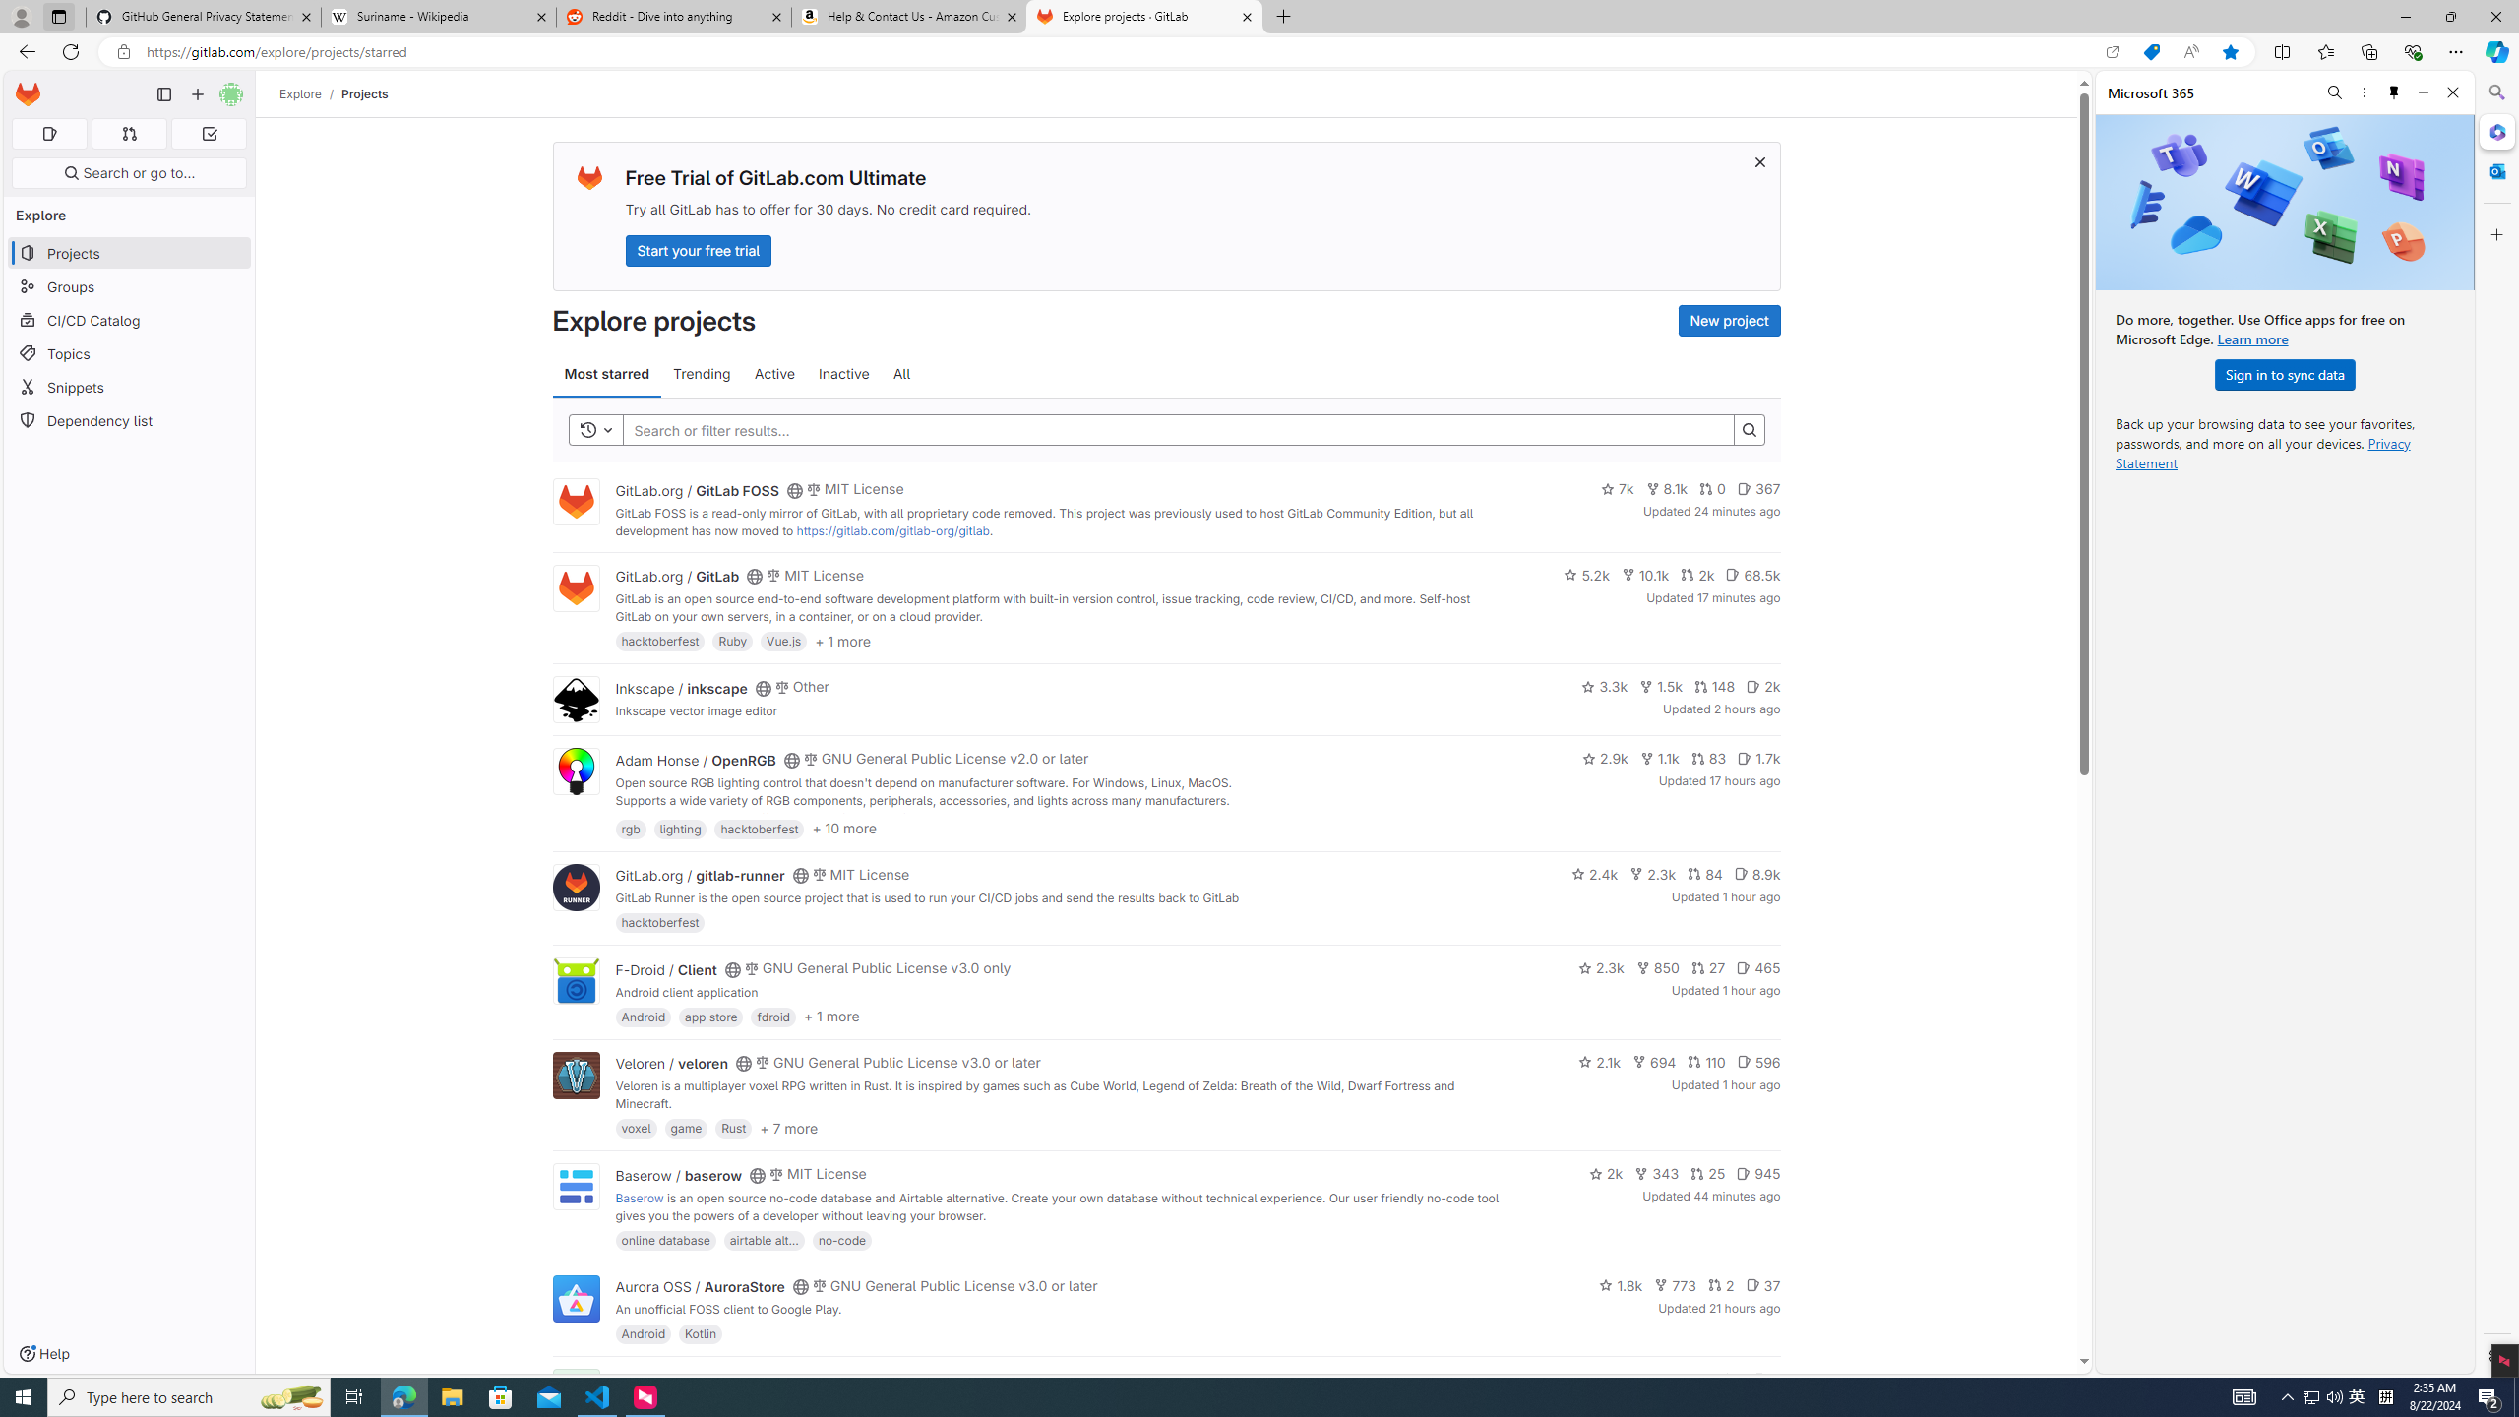  Describe the element at coordinates (701, 1333) in the screenshot. I see `'Kotlin'` at that location.